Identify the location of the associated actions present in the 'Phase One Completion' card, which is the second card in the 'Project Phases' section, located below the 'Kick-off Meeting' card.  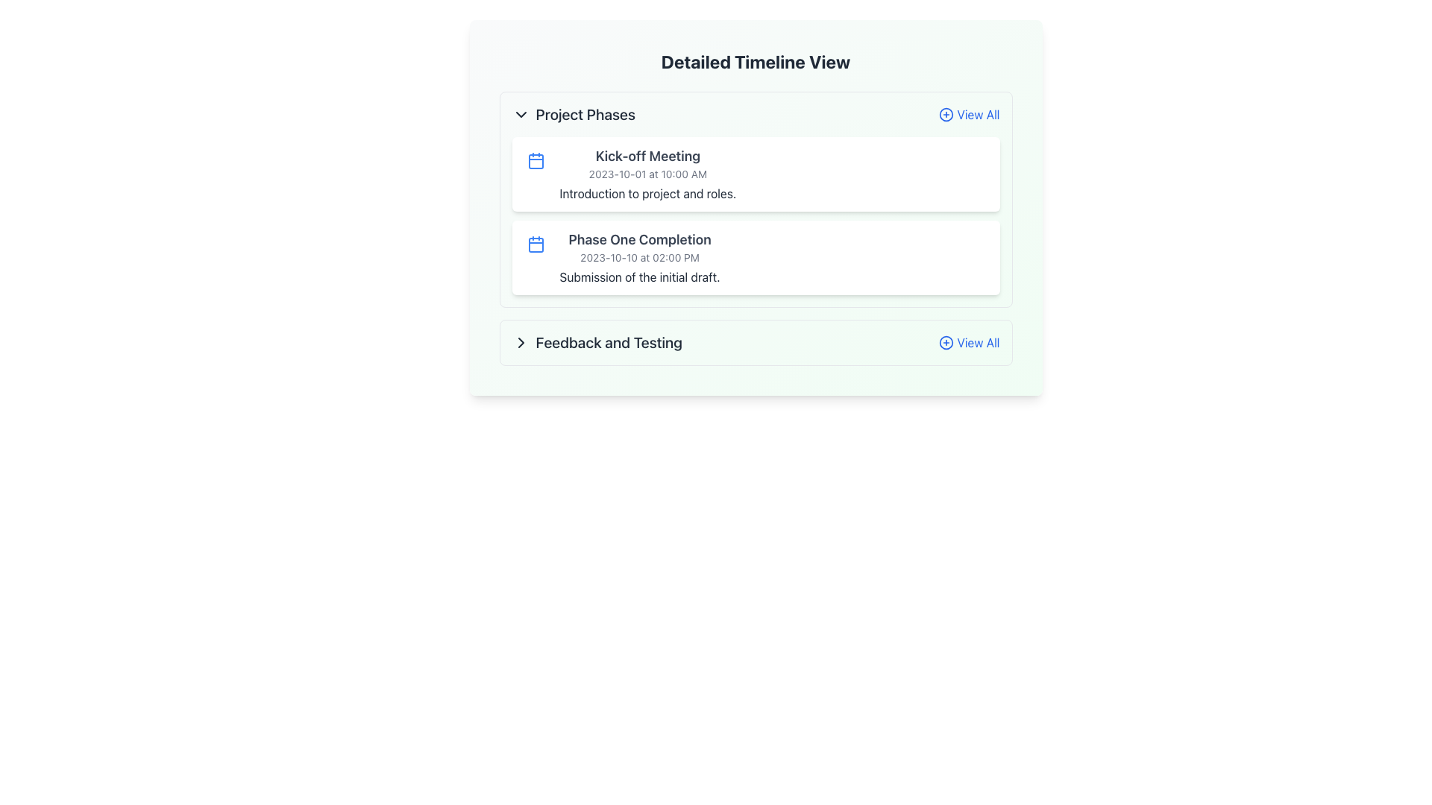
(756, 257).